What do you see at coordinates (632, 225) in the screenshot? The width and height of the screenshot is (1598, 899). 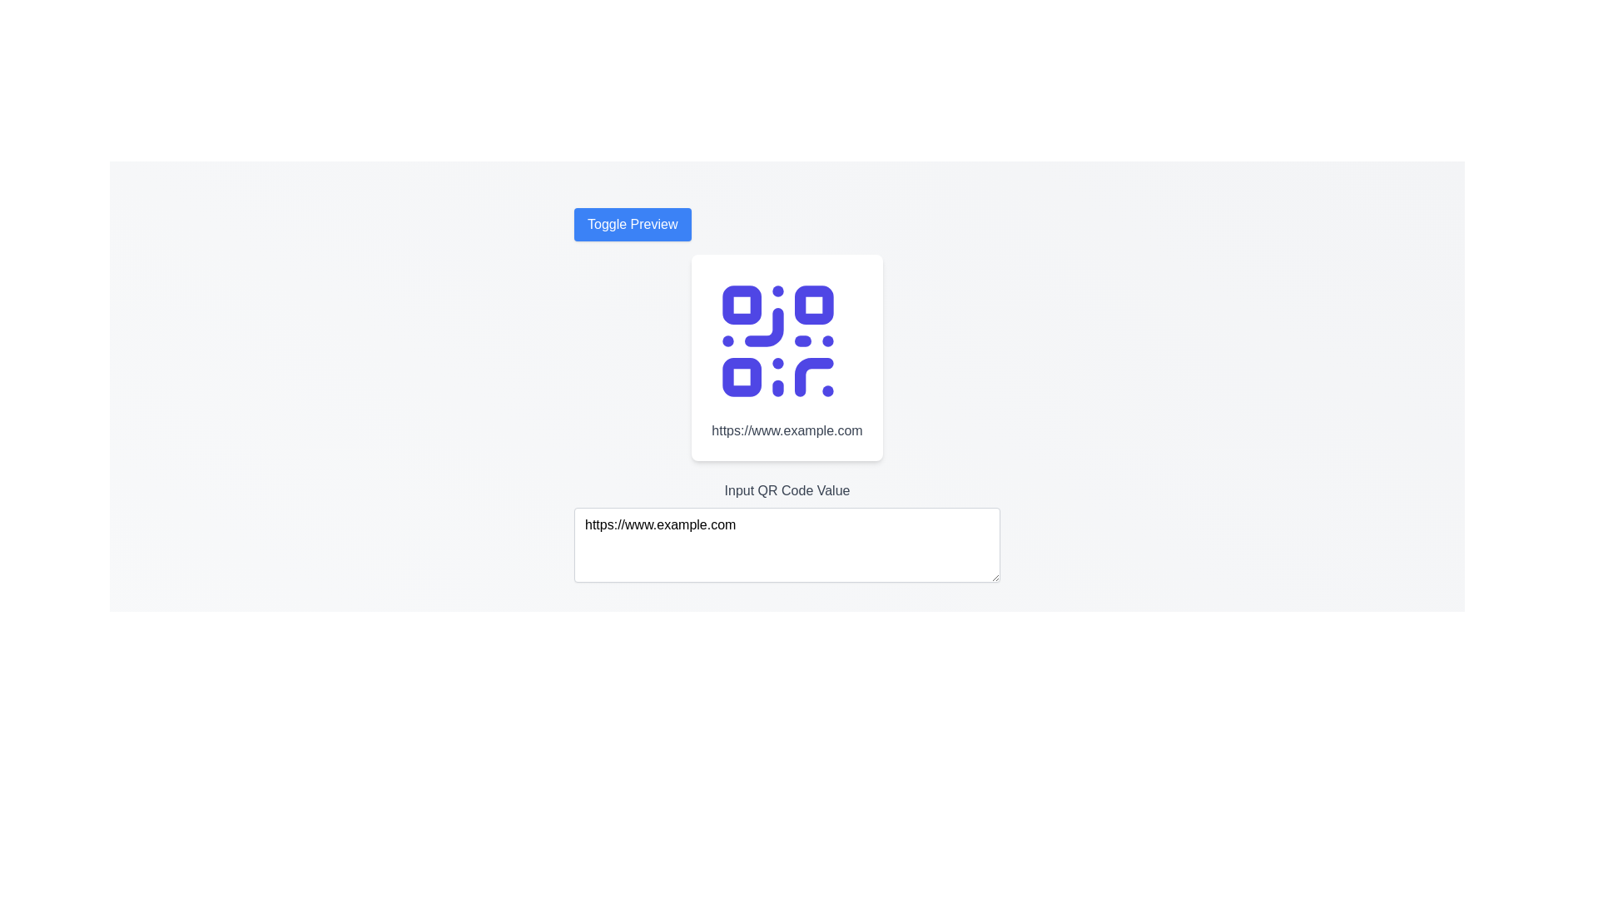 I see `the 'Toggle Preview' button, which is a rectangular button with a blue background and white text, to observe the hover effect` at bounding box center [632, 225].